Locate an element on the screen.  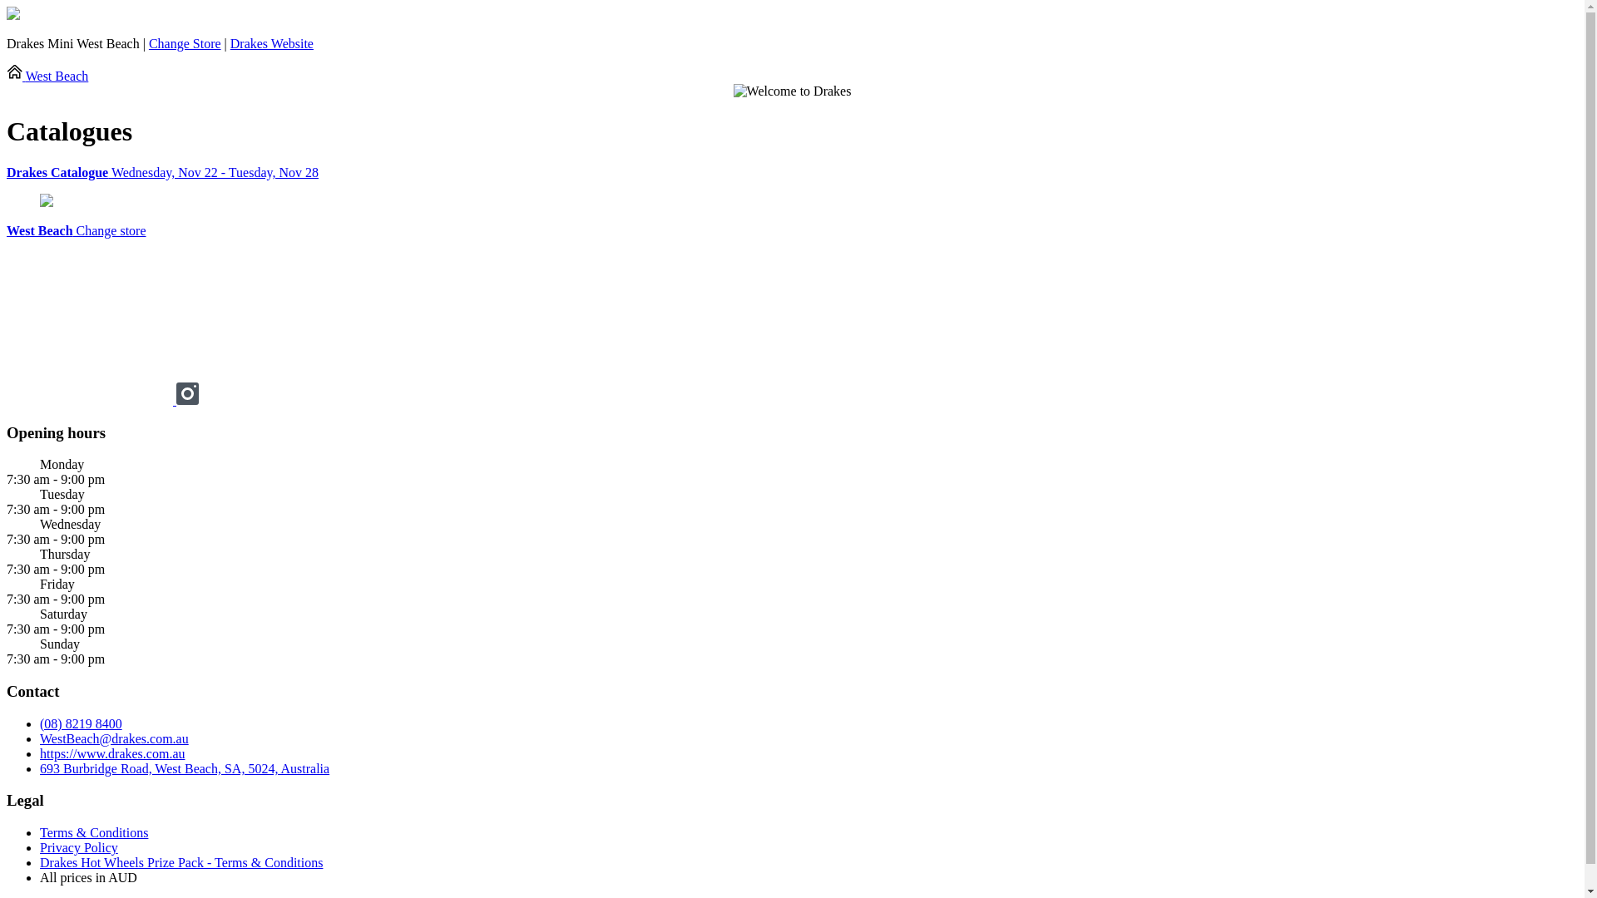
'693 Burbridge Road, West Beach, SA, 5024, Australia' is located at coordinates (184, 768).